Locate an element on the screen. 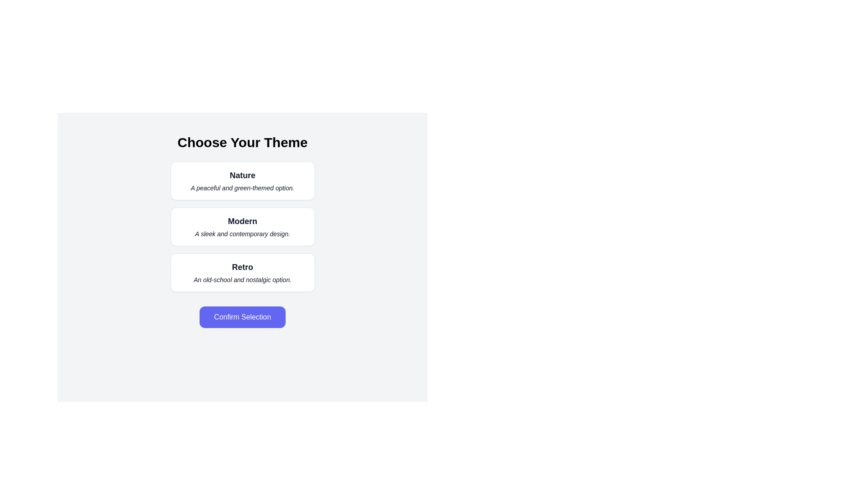  the non-interactive Text Label that describes the theme 'Retro', positioned below the bold text 'Retro' within the 'Retro' card is located at coordinates (242, 279).